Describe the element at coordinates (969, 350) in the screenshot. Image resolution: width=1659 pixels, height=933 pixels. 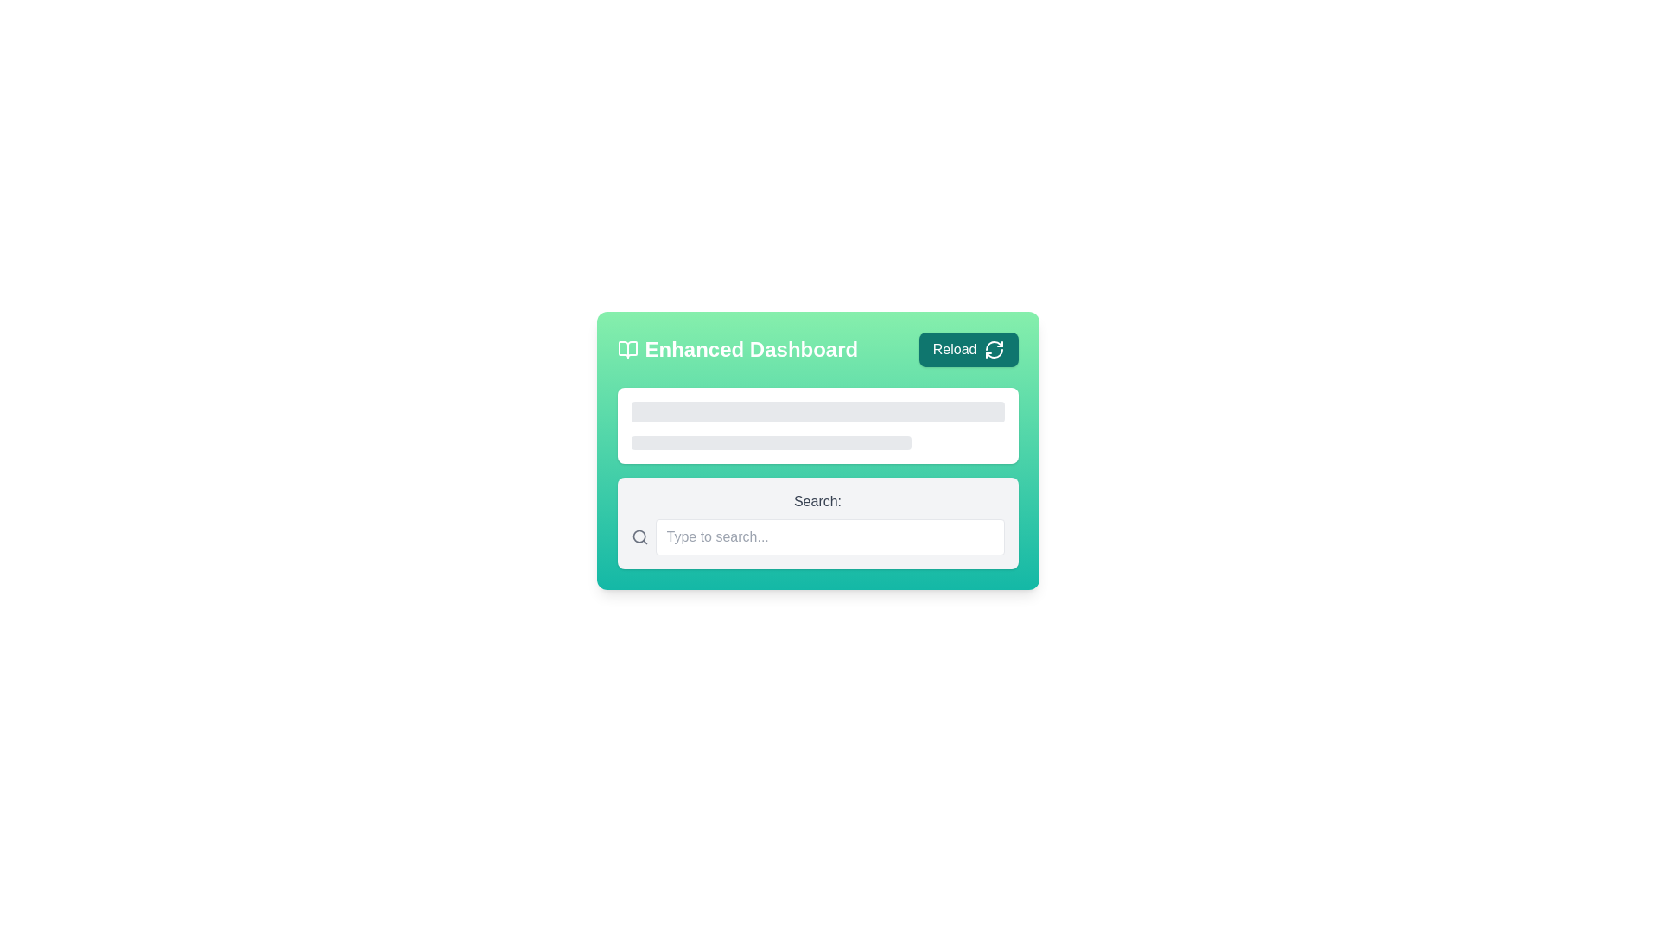
I see `the reload button located at the top-right corner of the 'Enhanced Dashboard'` at that location.